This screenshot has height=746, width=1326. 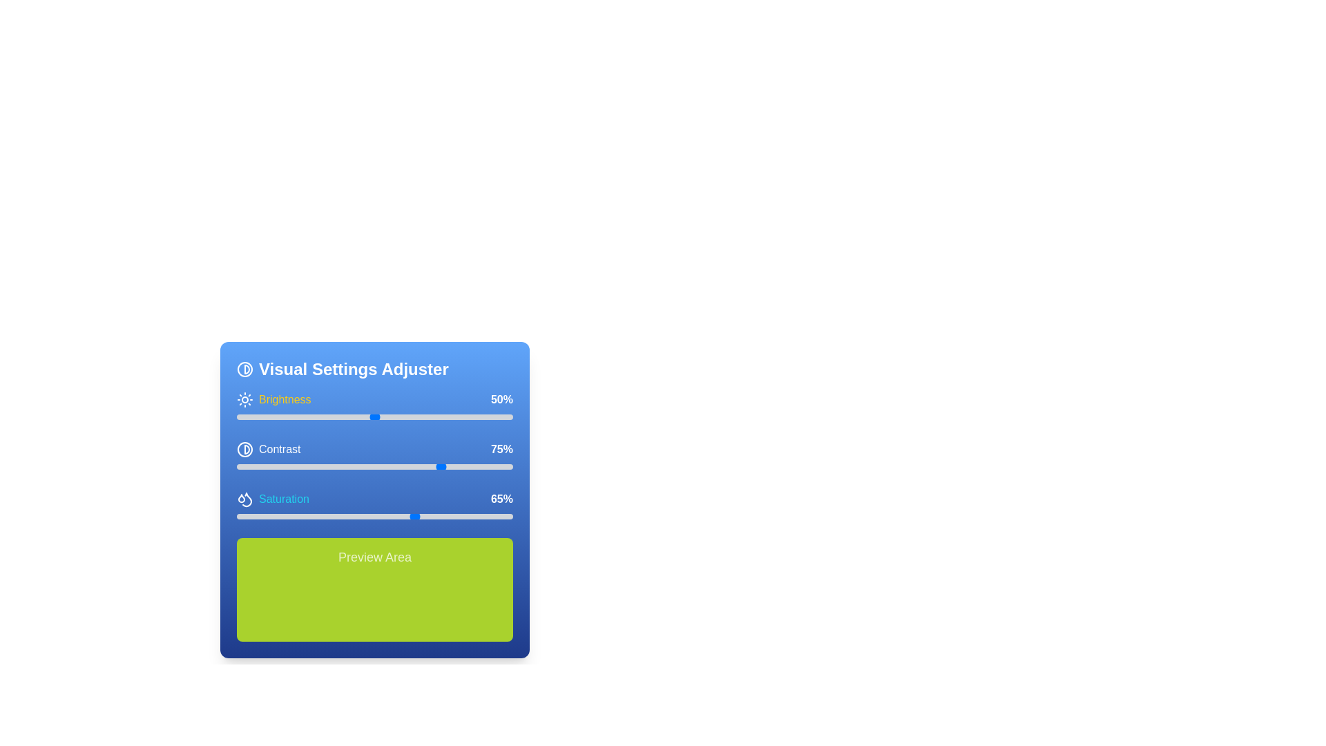 What do you see at coordinates (279, 450) in the screenshot?
I see `the text label with the content 'Contrast' in the 'Visual Settings Adjuster' panel under the 'Brightness' section` at bounding box center [279, 450].